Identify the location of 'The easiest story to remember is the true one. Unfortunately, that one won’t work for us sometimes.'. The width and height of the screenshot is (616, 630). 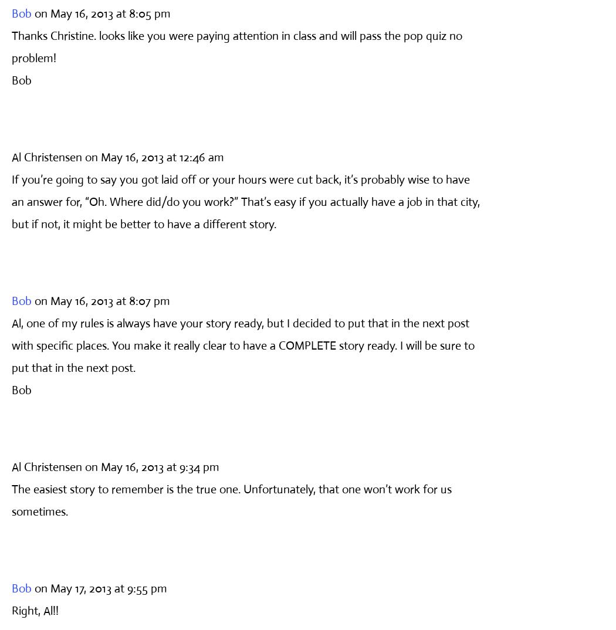
(232, 500).